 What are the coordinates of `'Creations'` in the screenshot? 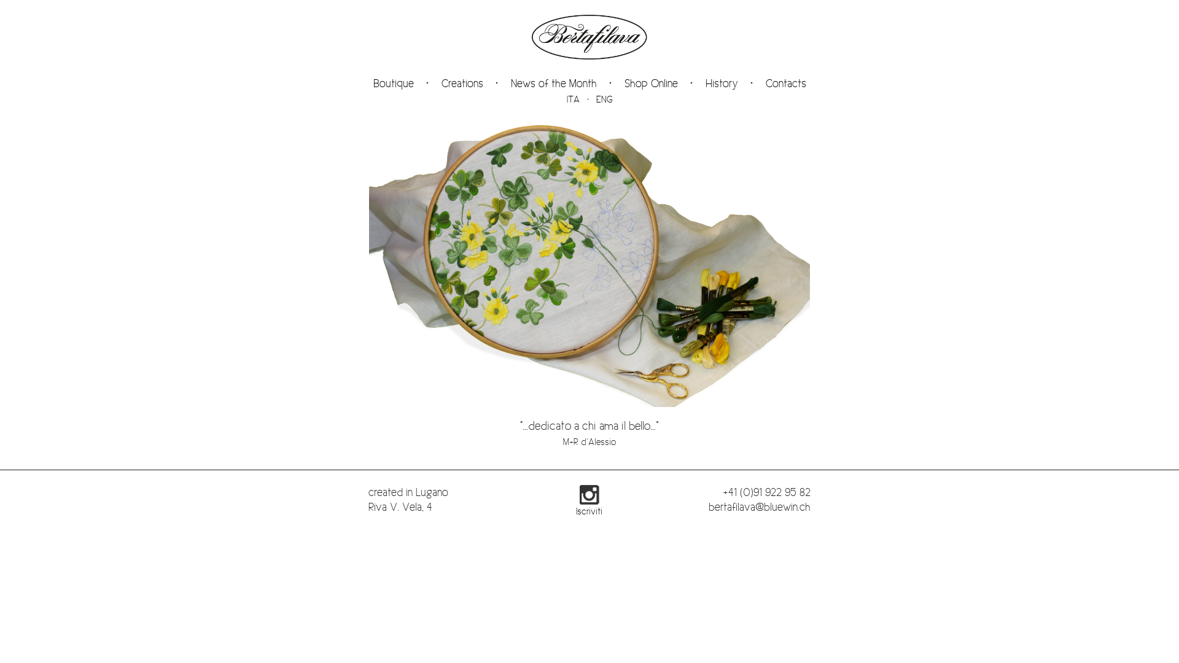 It's located at (441, 83).